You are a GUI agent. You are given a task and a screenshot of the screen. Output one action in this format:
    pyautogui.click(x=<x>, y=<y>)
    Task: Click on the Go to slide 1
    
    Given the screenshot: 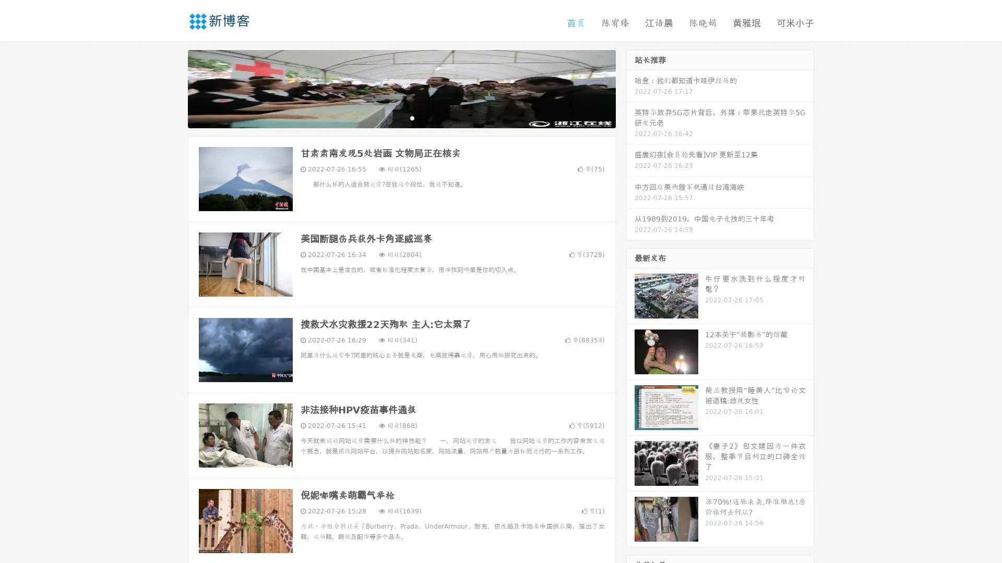 What is the action you would take?
    pyautogui.click(x=390, y=117)
    